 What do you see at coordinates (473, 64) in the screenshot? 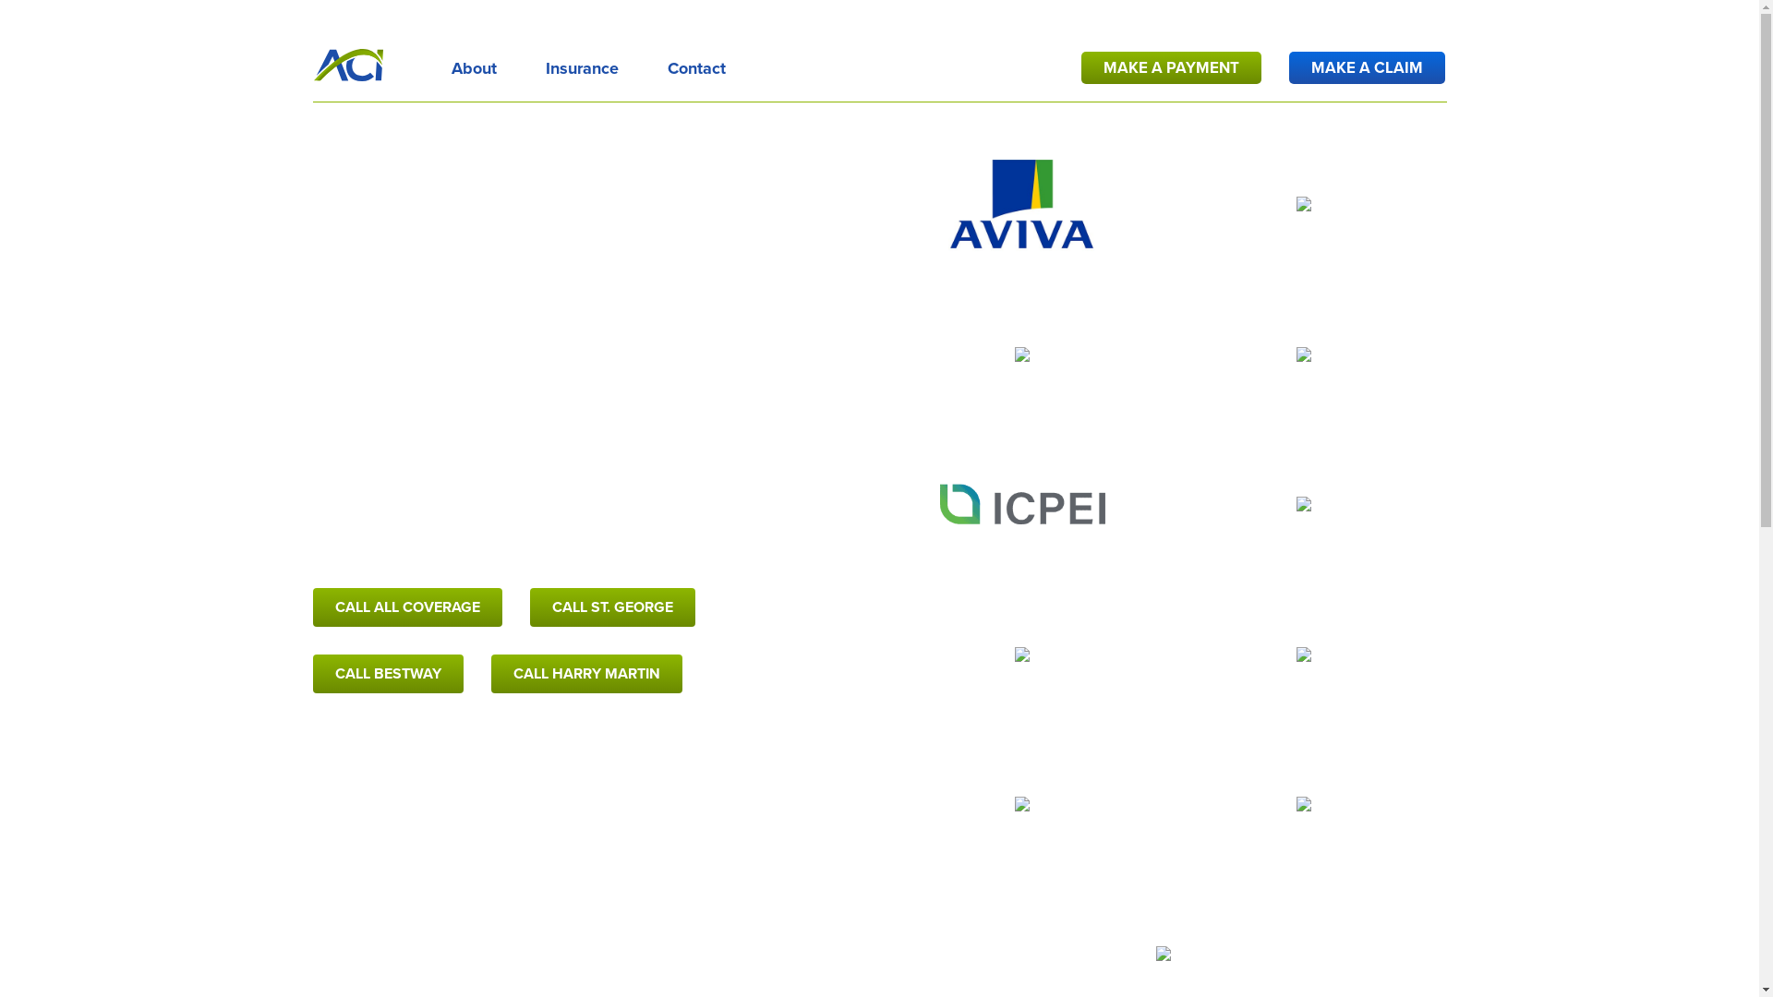
I see `'About'` at bounding box center [473, 64].